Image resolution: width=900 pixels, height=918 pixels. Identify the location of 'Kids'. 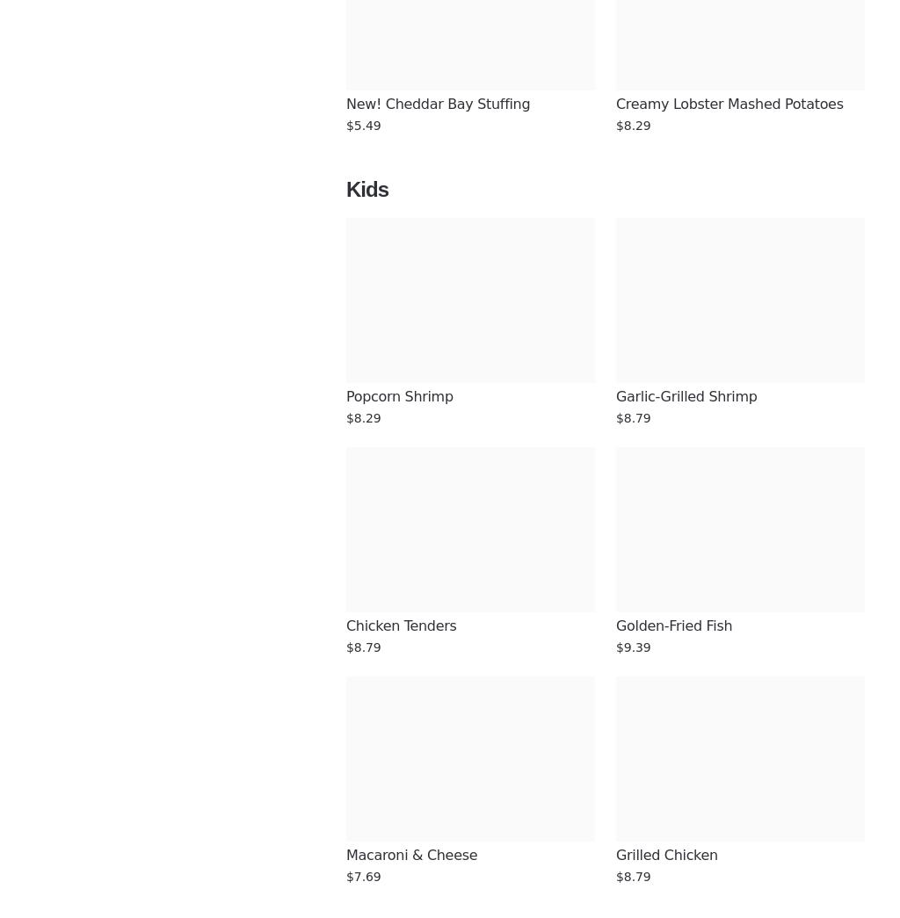
(366, 189).